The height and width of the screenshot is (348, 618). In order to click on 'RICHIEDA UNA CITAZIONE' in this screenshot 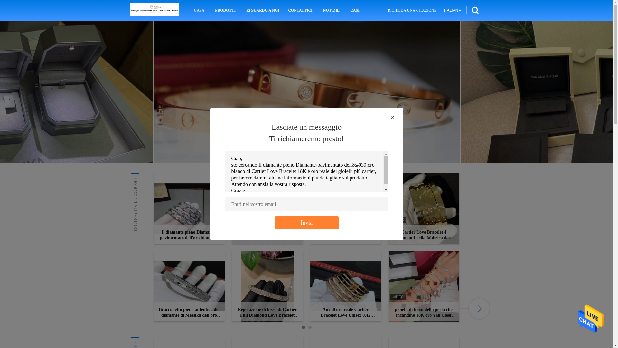, I will do `click(412, 10)`.